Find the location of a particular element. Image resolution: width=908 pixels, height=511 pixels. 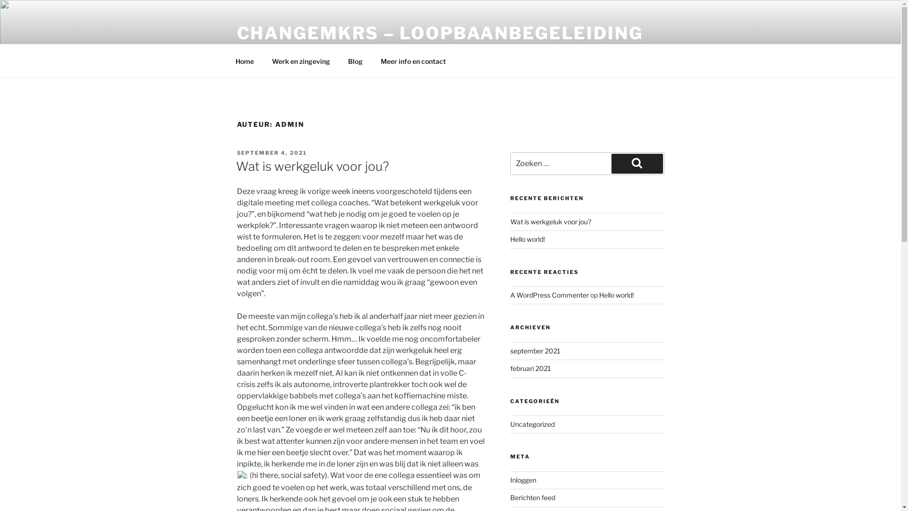

'SEPTEMBER 4, 2021' is located at coordinates (271, 152).